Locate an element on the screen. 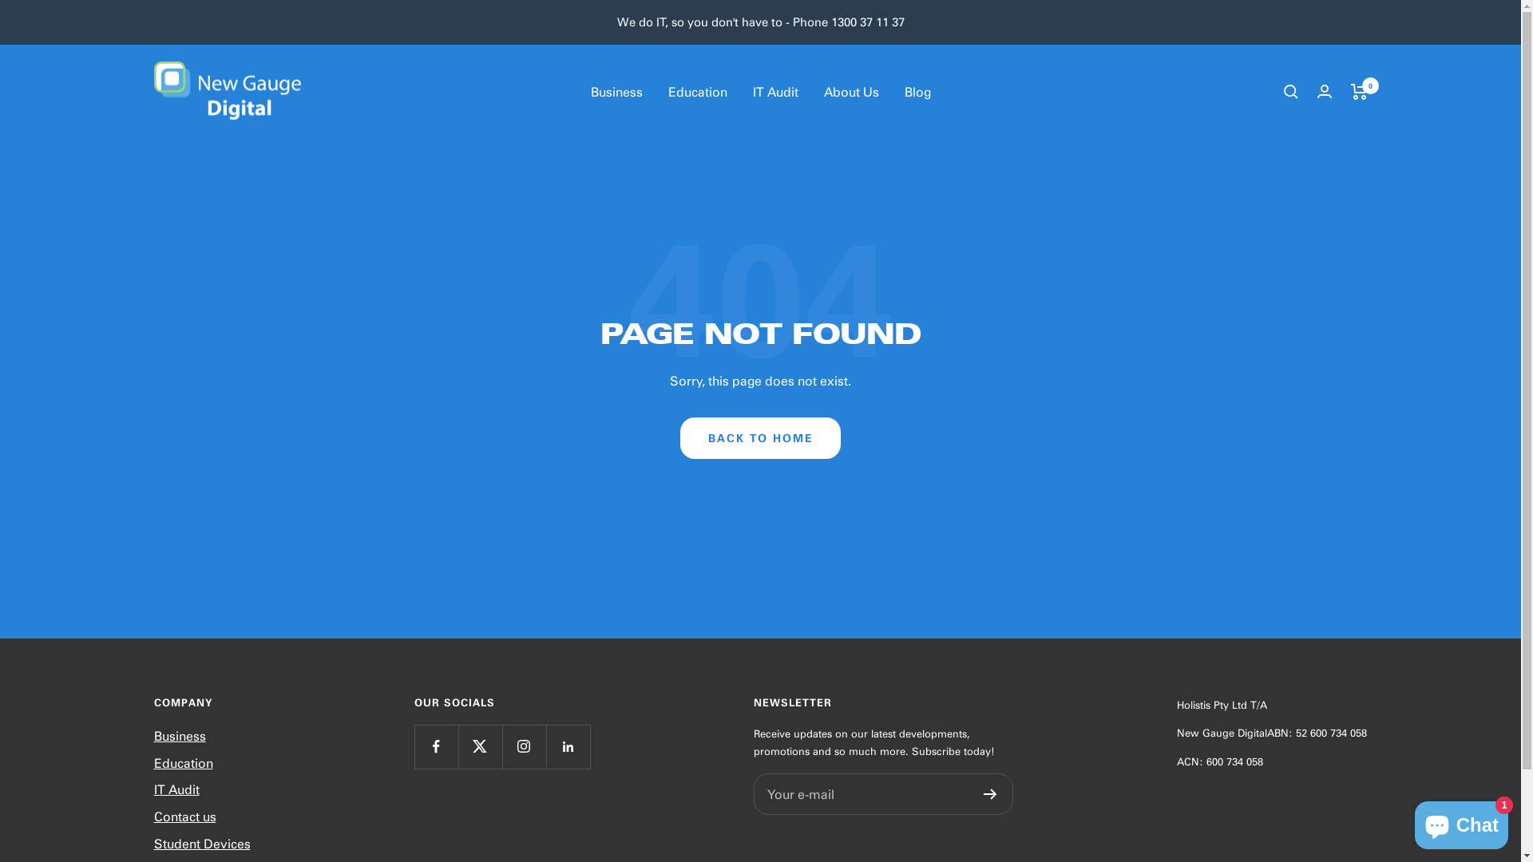  'Blog' is located at coordinates (917, 92).